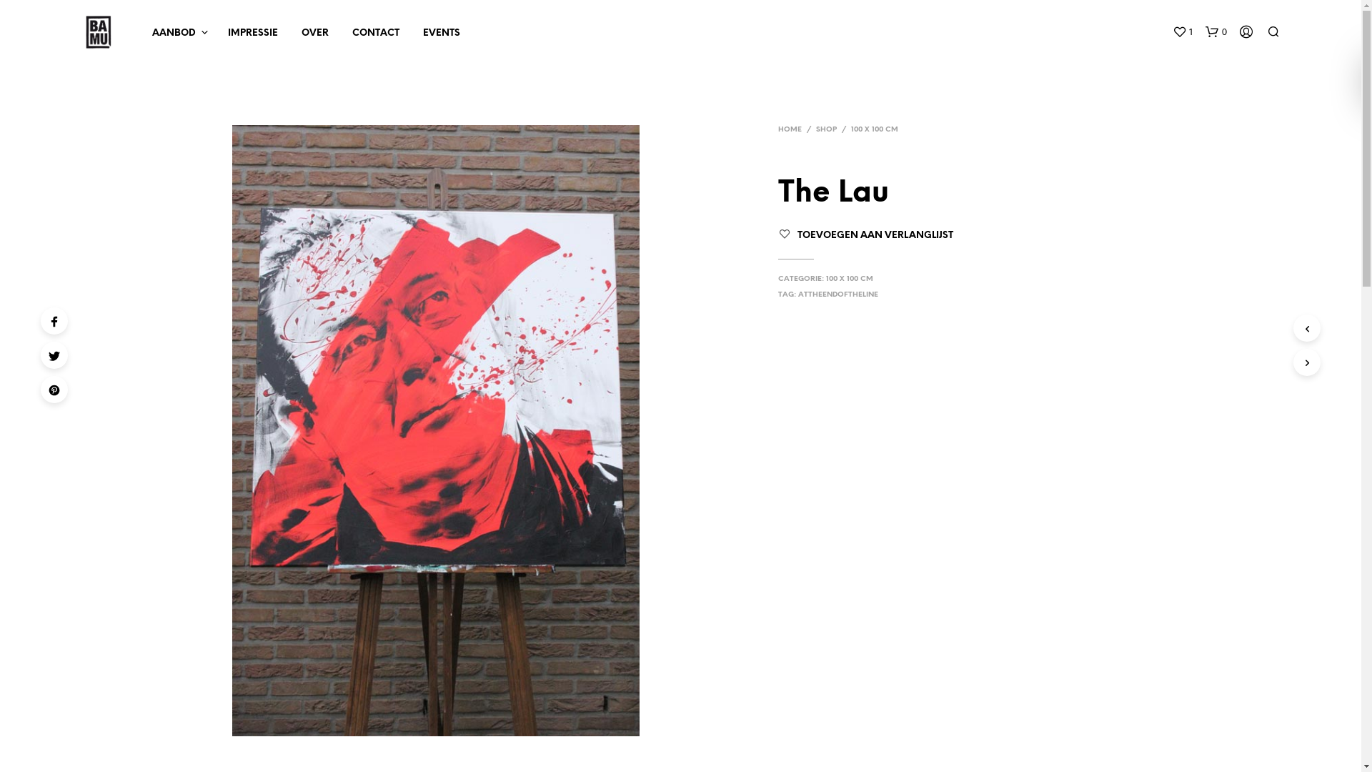  I want to click on 'TOEVOEGEN AAN VERLANGLIJST', so click(874, 234).